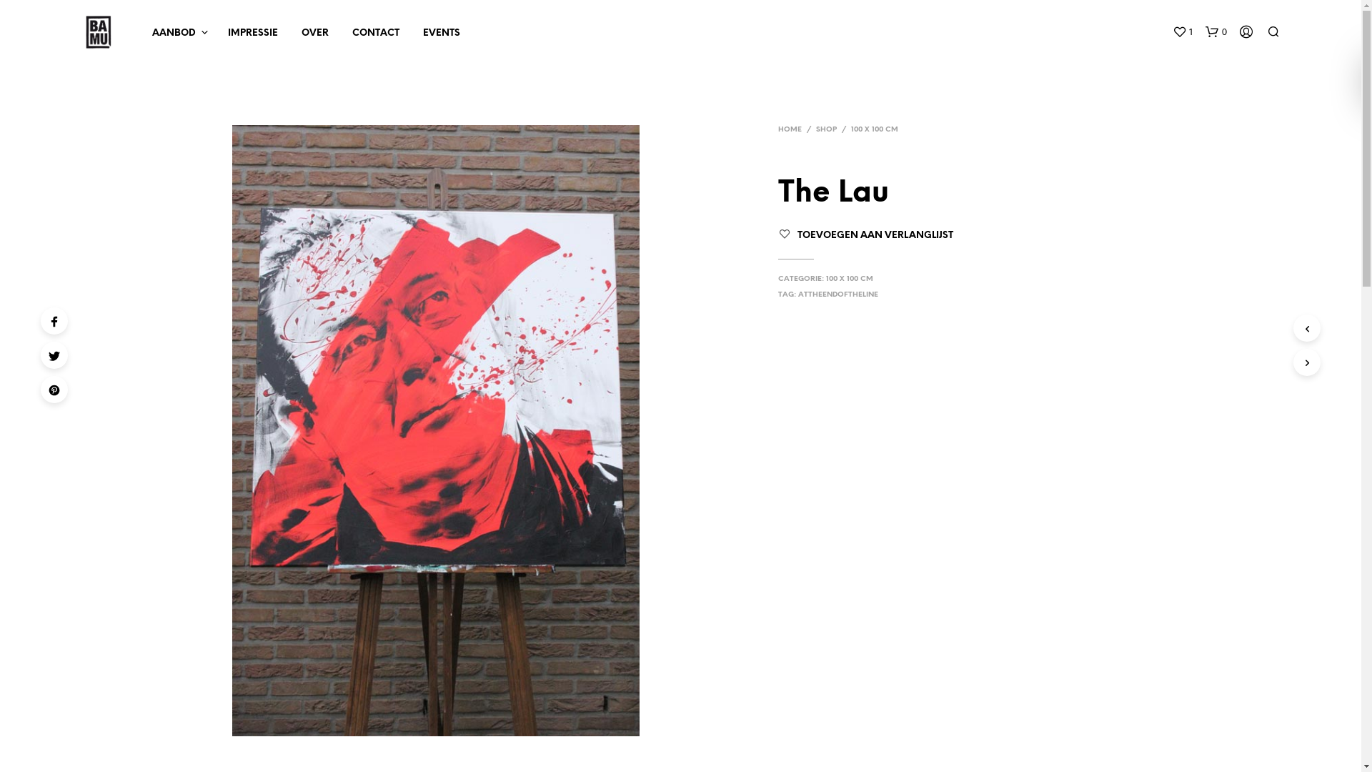  I want to click on 'TOEVOEGEN AAN VERLANGLIJST', so click(874, 234).